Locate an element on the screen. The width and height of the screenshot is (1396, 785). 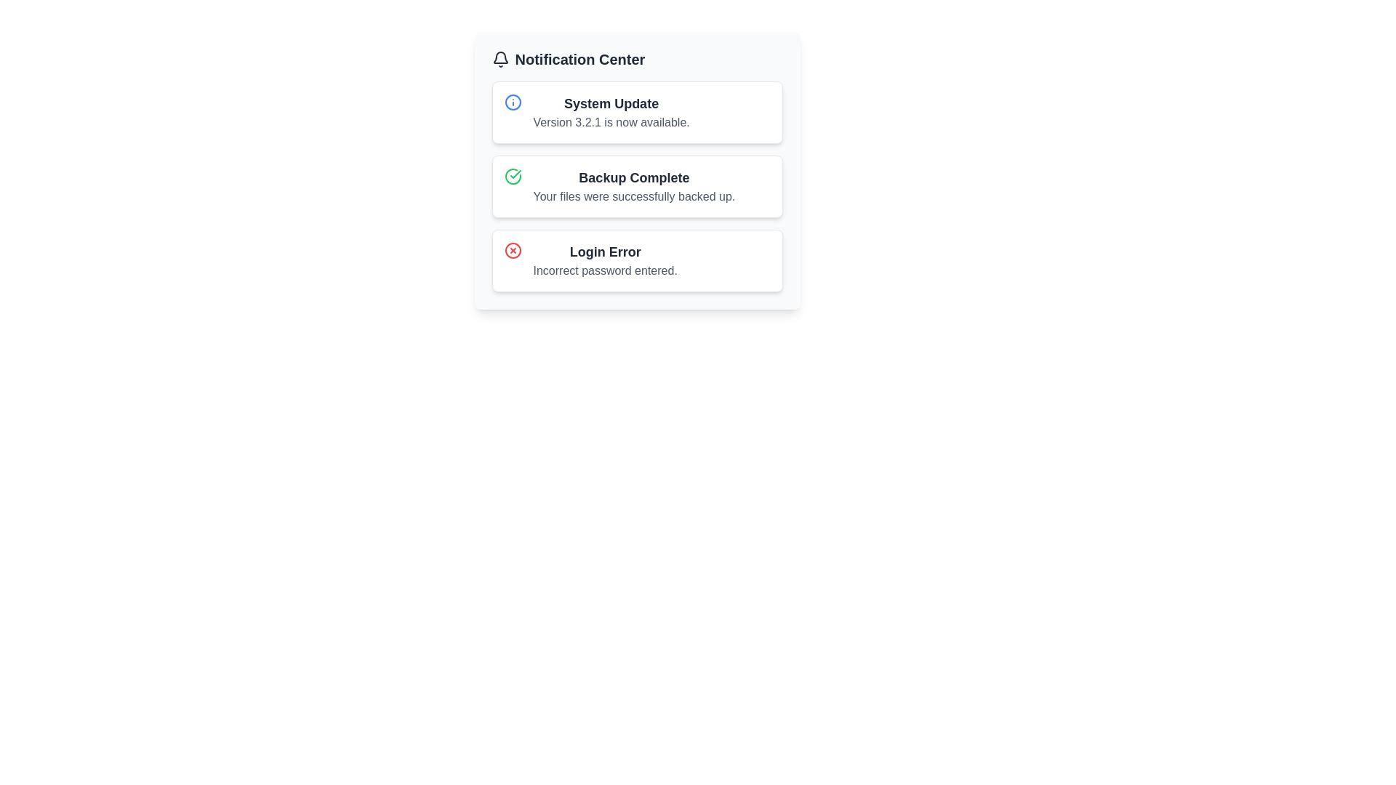
the error icon indicating a 'Login Error' in the bottom-most notification row of the Notification Center is located at coordinates (513, 249).